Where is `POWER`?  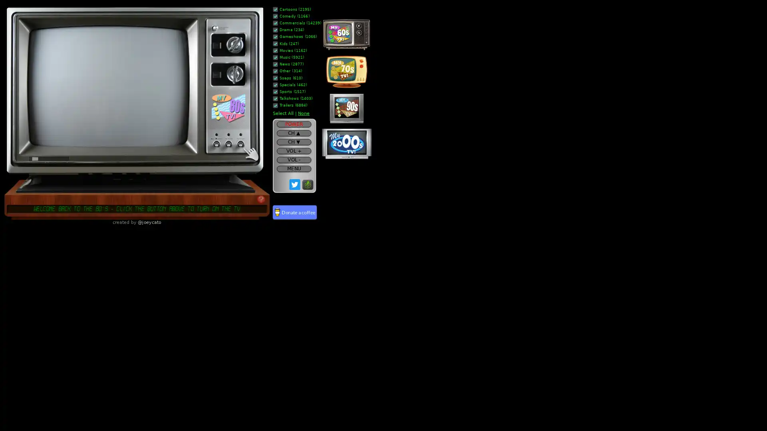 POWER is located at coordinates (293, 124).